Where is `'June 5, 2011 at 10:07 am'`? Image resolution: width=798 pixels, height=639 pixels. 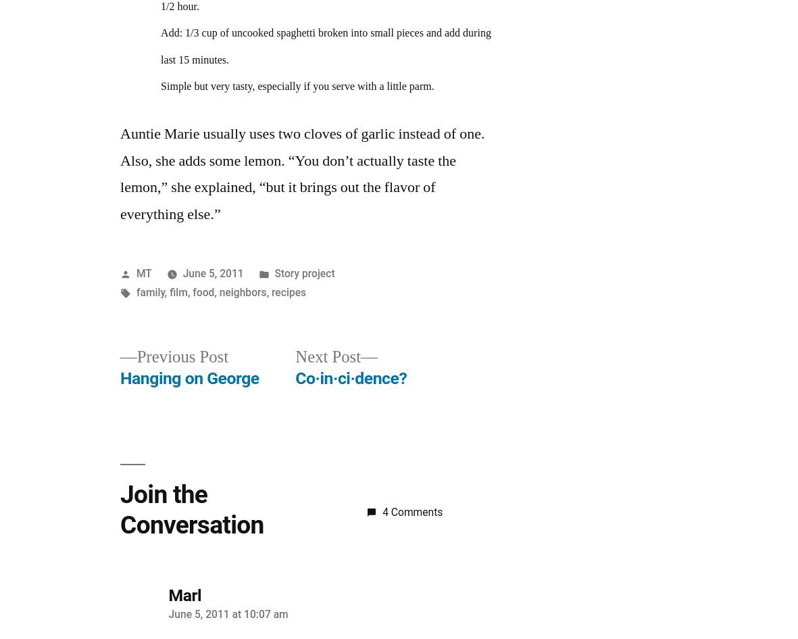
'June 5, 2011 at 10:07 am' is located at coordinates (227, 613).